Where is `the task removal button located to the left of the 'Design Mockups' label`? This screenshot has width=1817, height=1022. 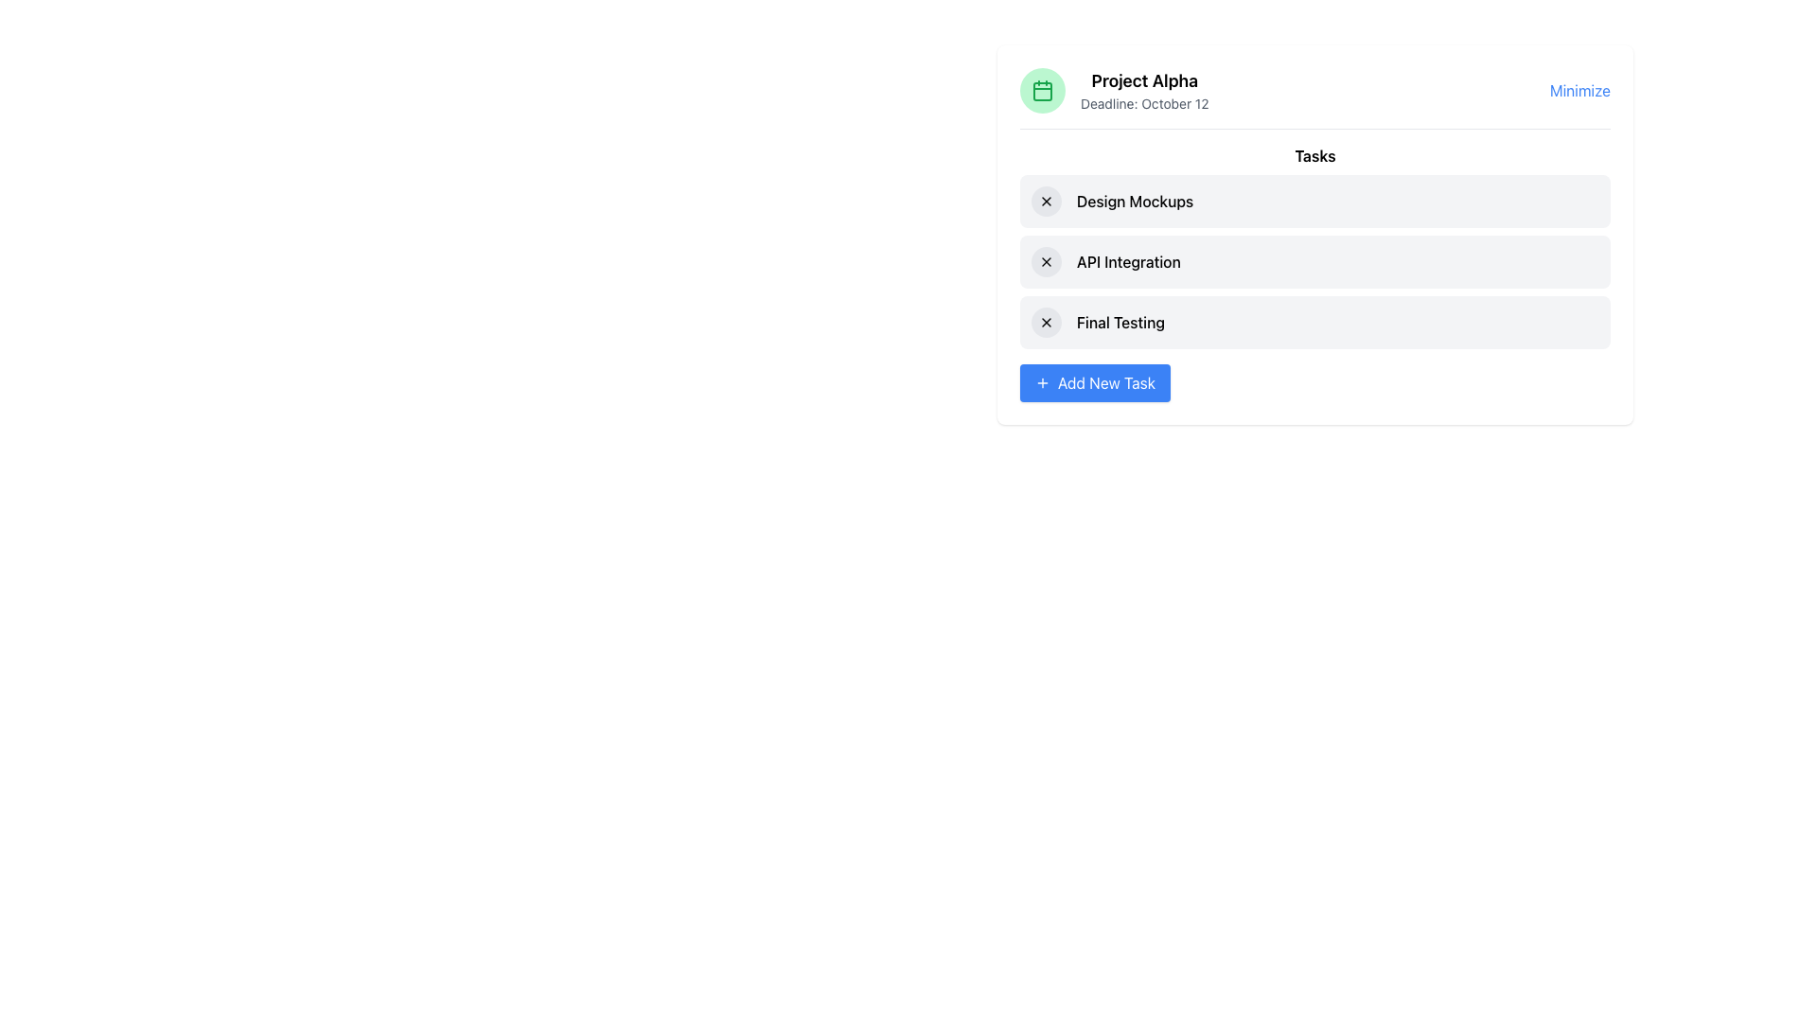 the task removal button located to the left of the 'Design Mockups' label is located at coordinates (1045, 201).